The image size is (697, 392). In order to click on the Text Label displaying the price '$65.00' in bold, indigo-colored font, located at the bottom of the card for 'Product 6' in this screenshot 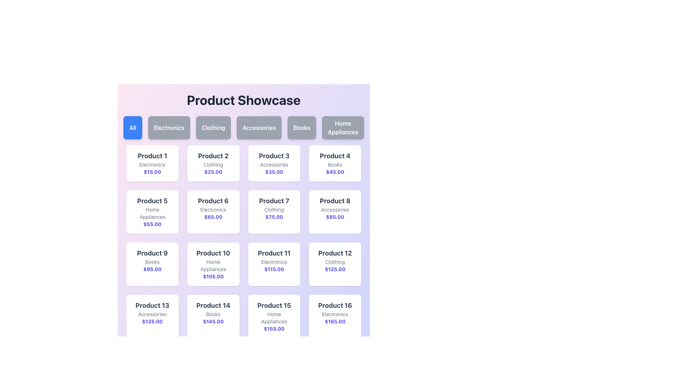, I will do `click(213, 216)`.